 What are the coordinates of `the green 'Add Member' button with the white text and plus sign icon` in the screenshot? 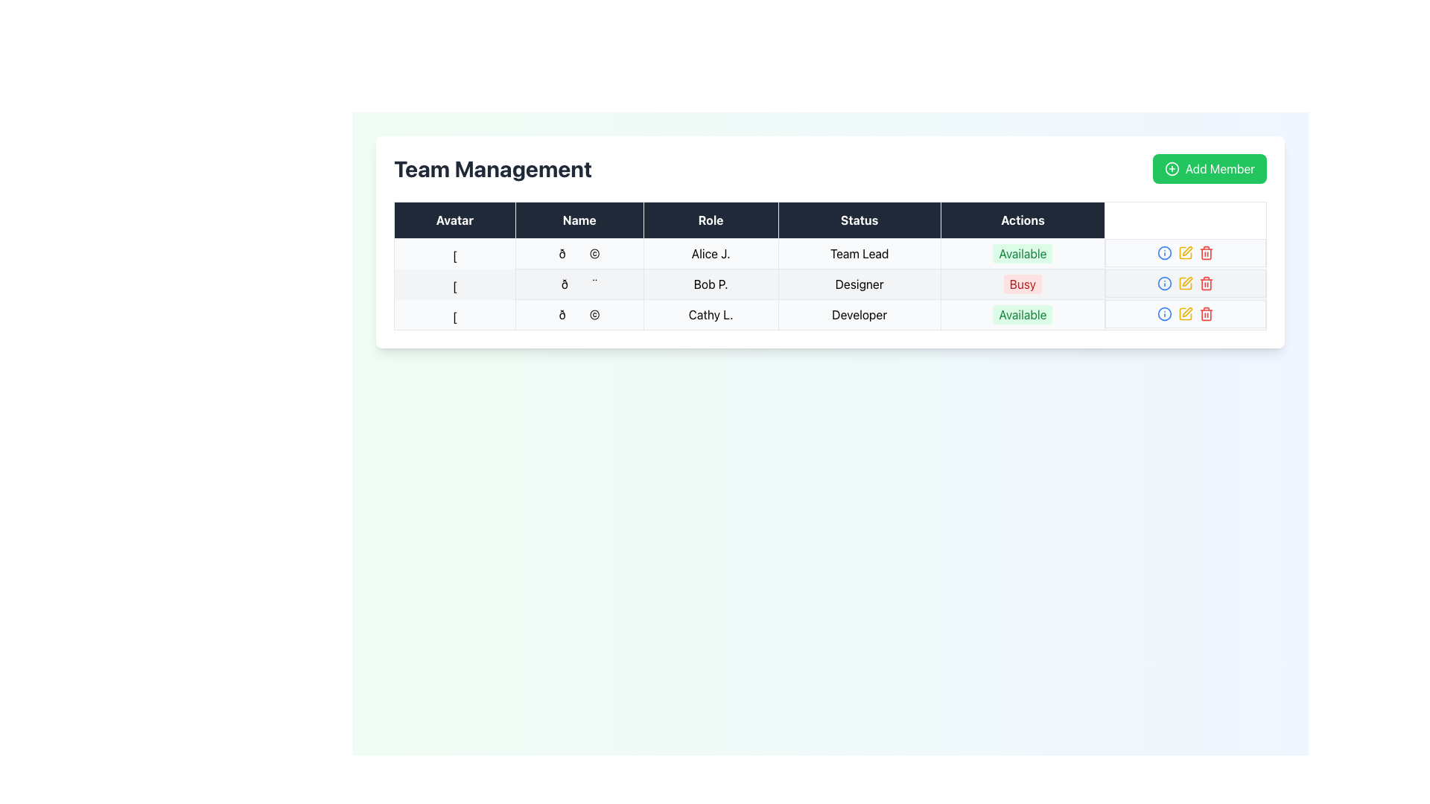 It's located at (1210, 168).